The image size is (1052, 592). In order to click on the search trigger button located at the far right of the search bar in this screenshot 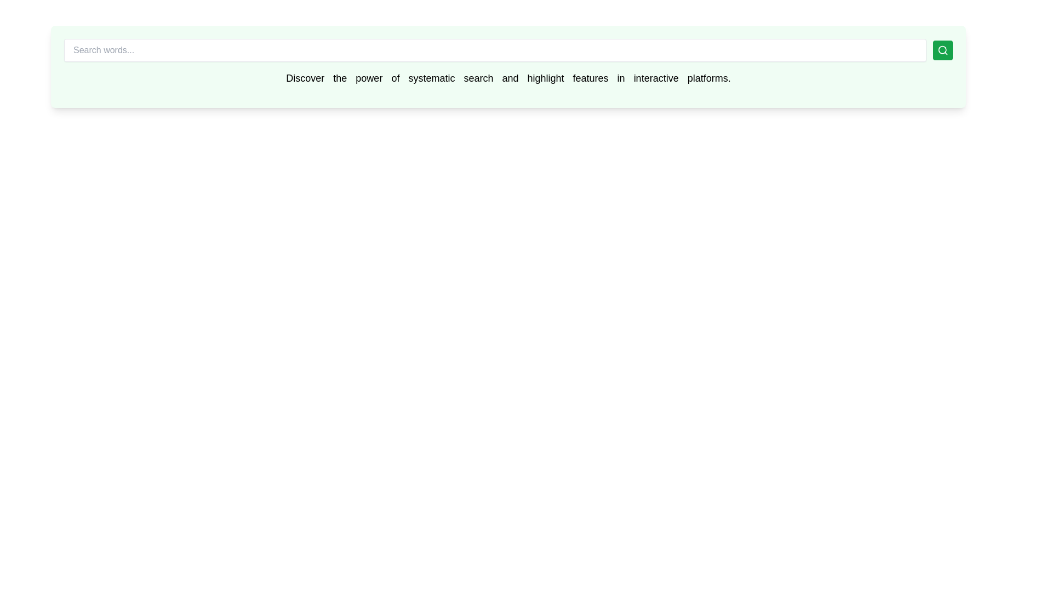, I will do `click(942, 50)`.